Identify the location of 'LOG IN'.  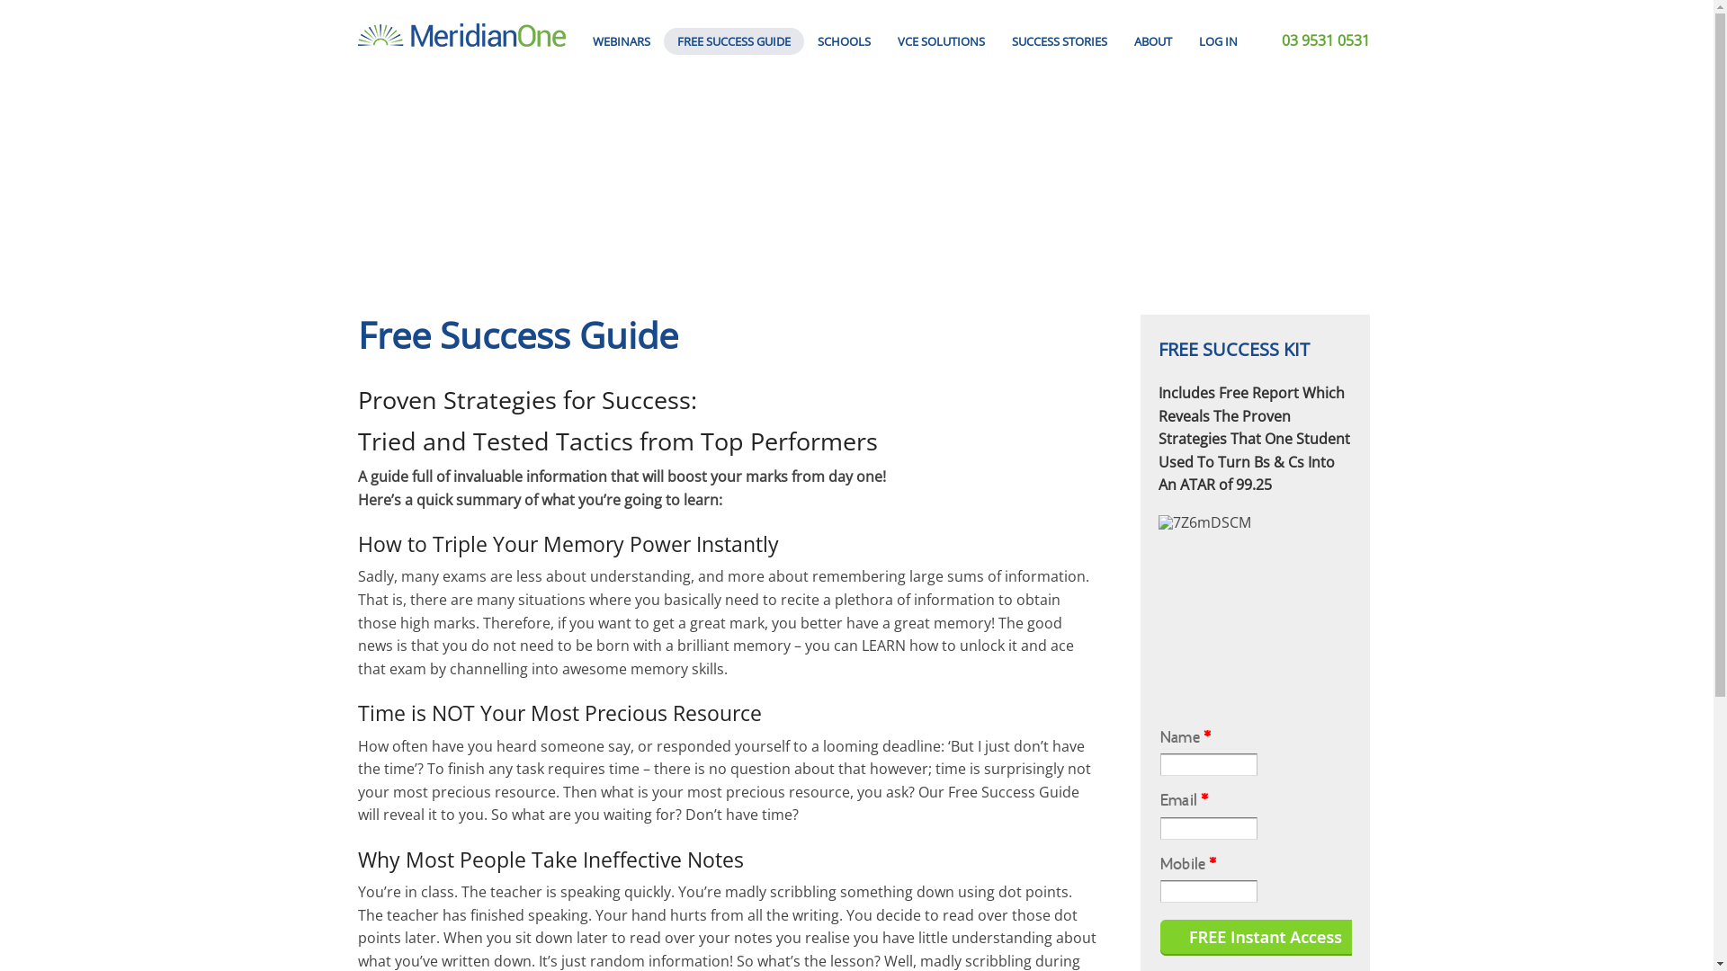
(1218, 40).